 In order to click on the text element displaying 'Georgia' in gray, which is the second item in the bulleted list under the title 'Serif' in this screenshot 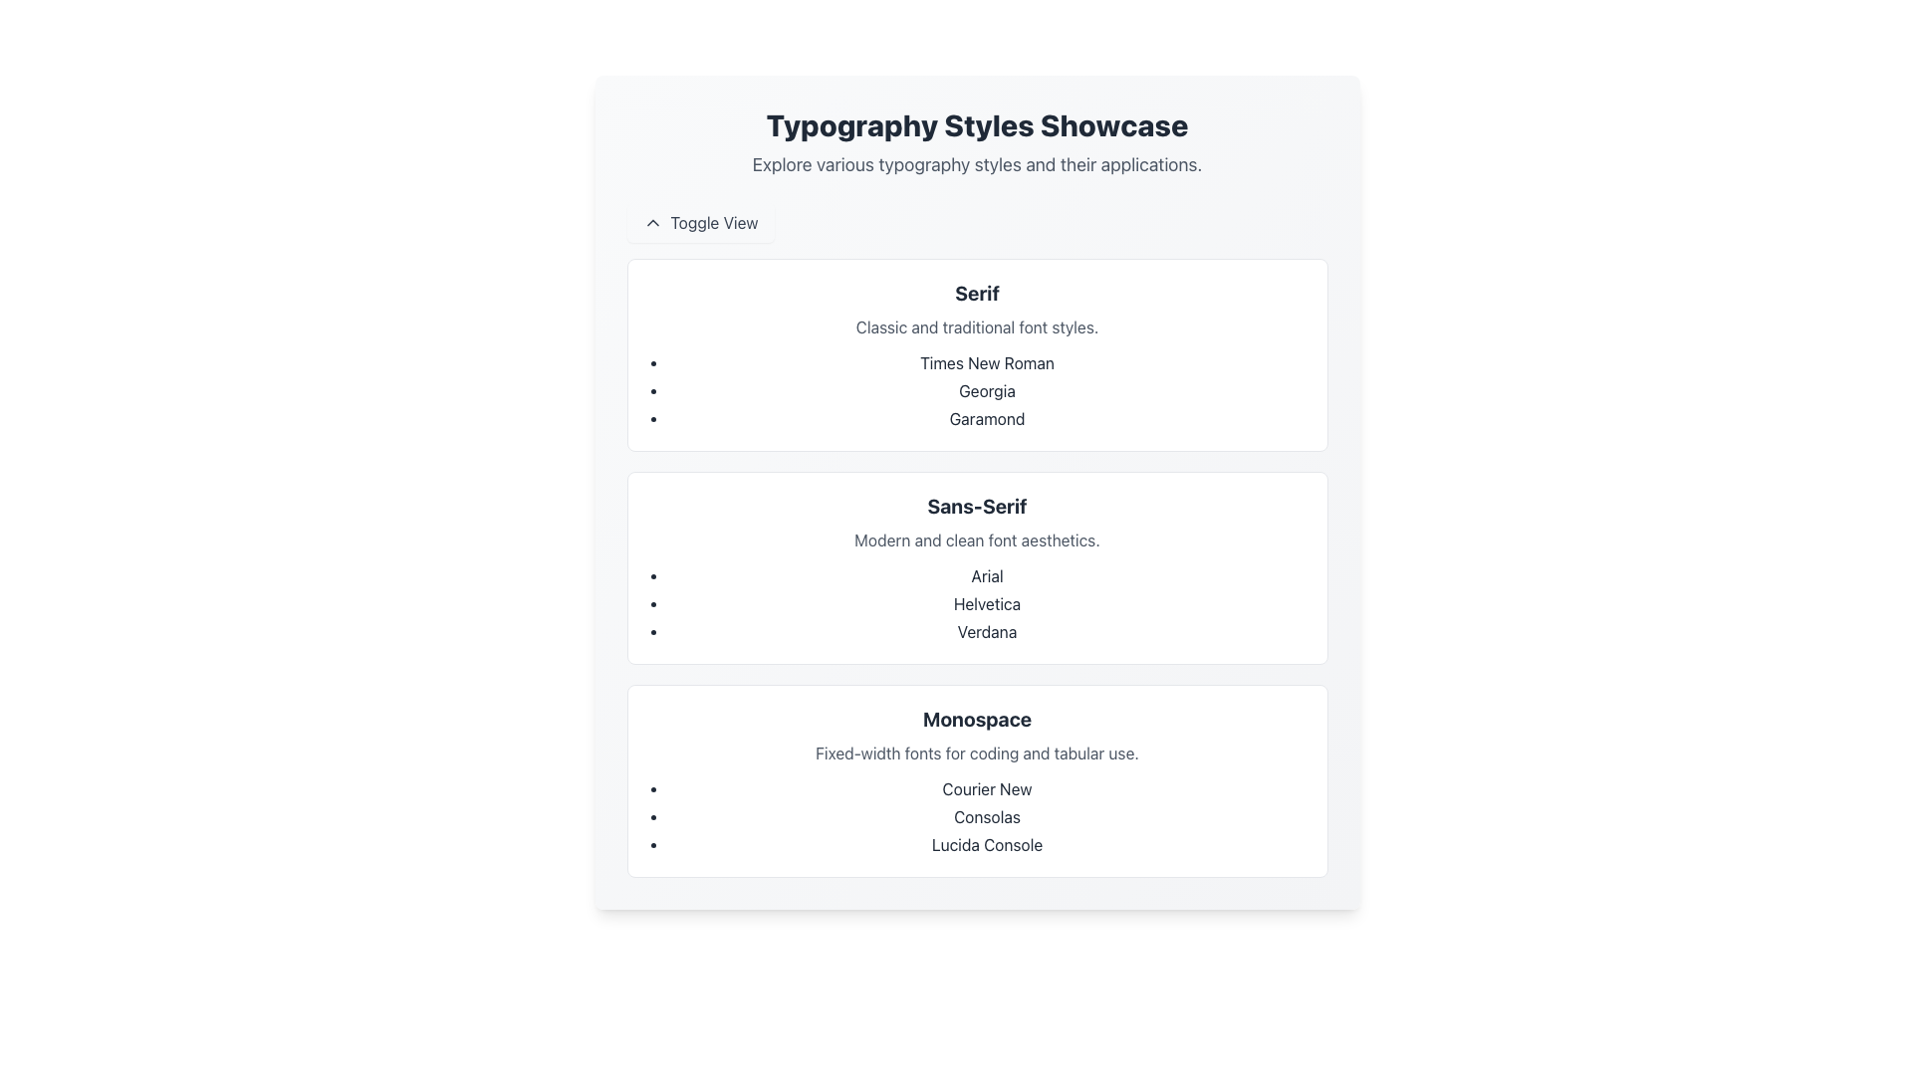, I will do `click(987, 391)`.